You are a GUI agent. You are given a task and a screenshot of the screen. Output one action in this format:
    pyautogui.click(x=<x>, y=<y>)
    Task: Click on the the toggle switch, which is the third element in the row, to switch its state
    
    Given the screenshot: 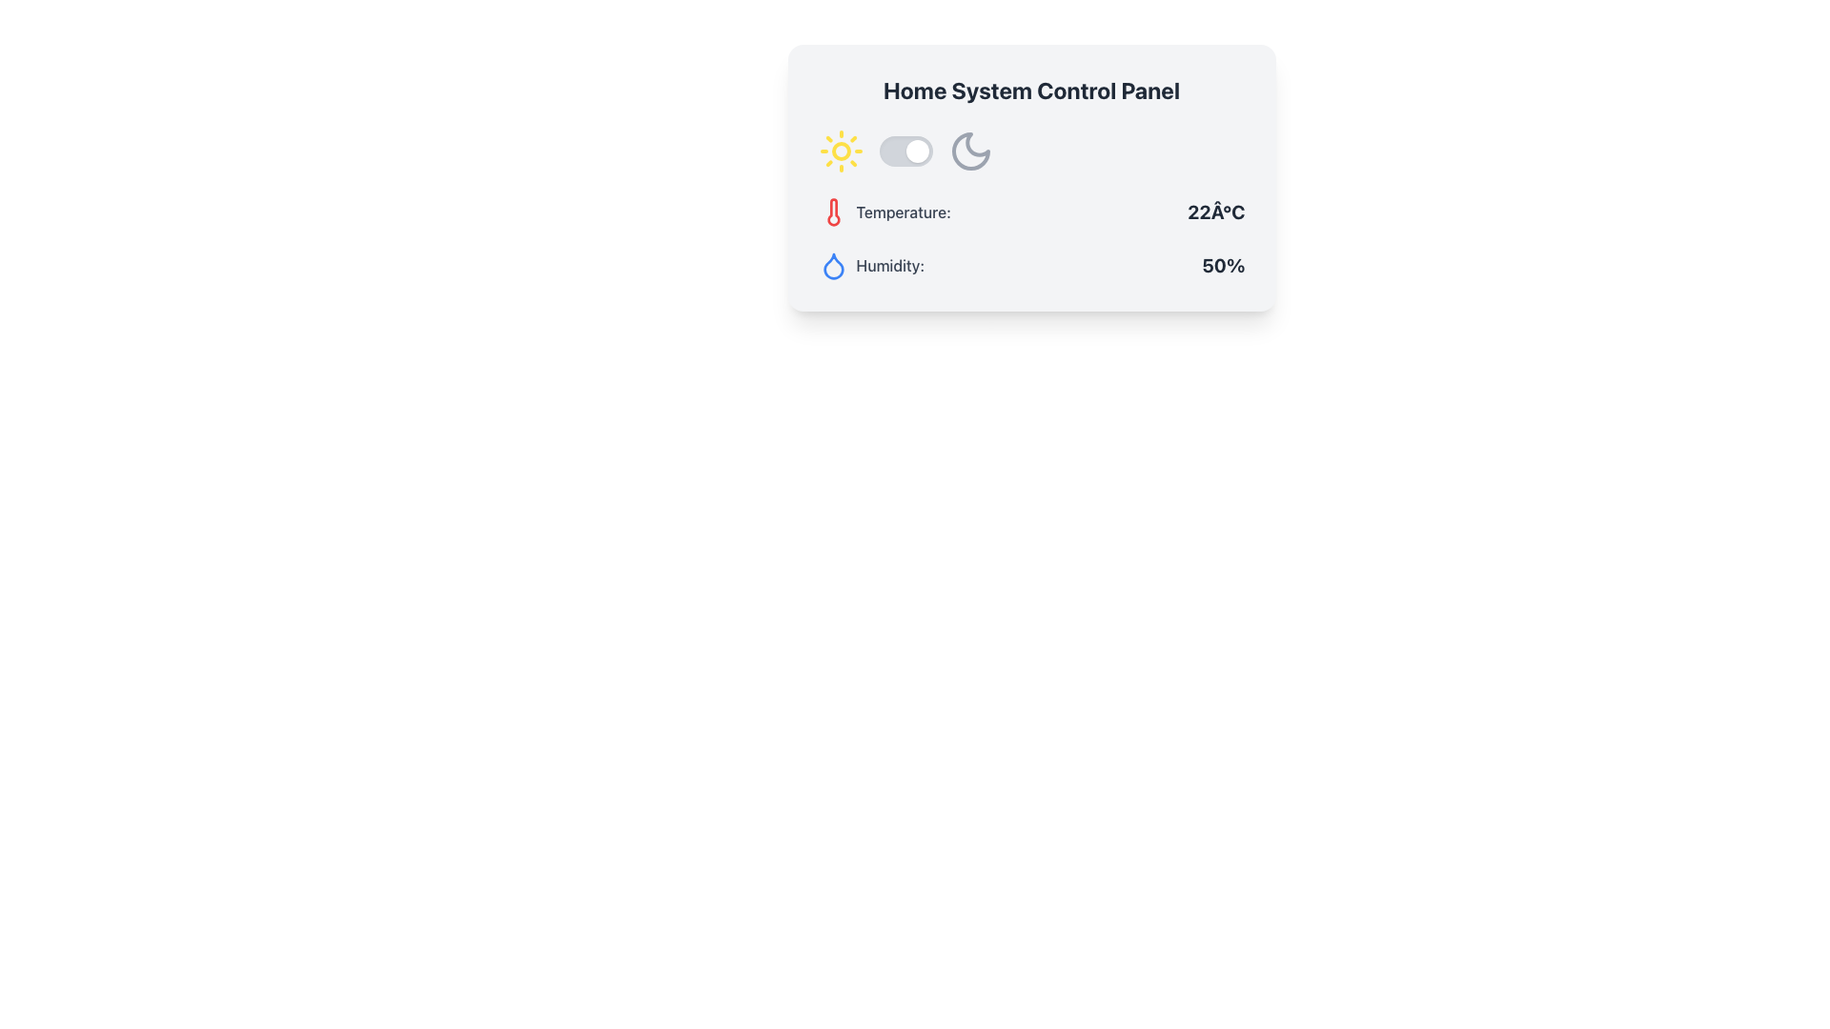 What is the action you would take?
    pyautogui.click(x=905, y=150)
    